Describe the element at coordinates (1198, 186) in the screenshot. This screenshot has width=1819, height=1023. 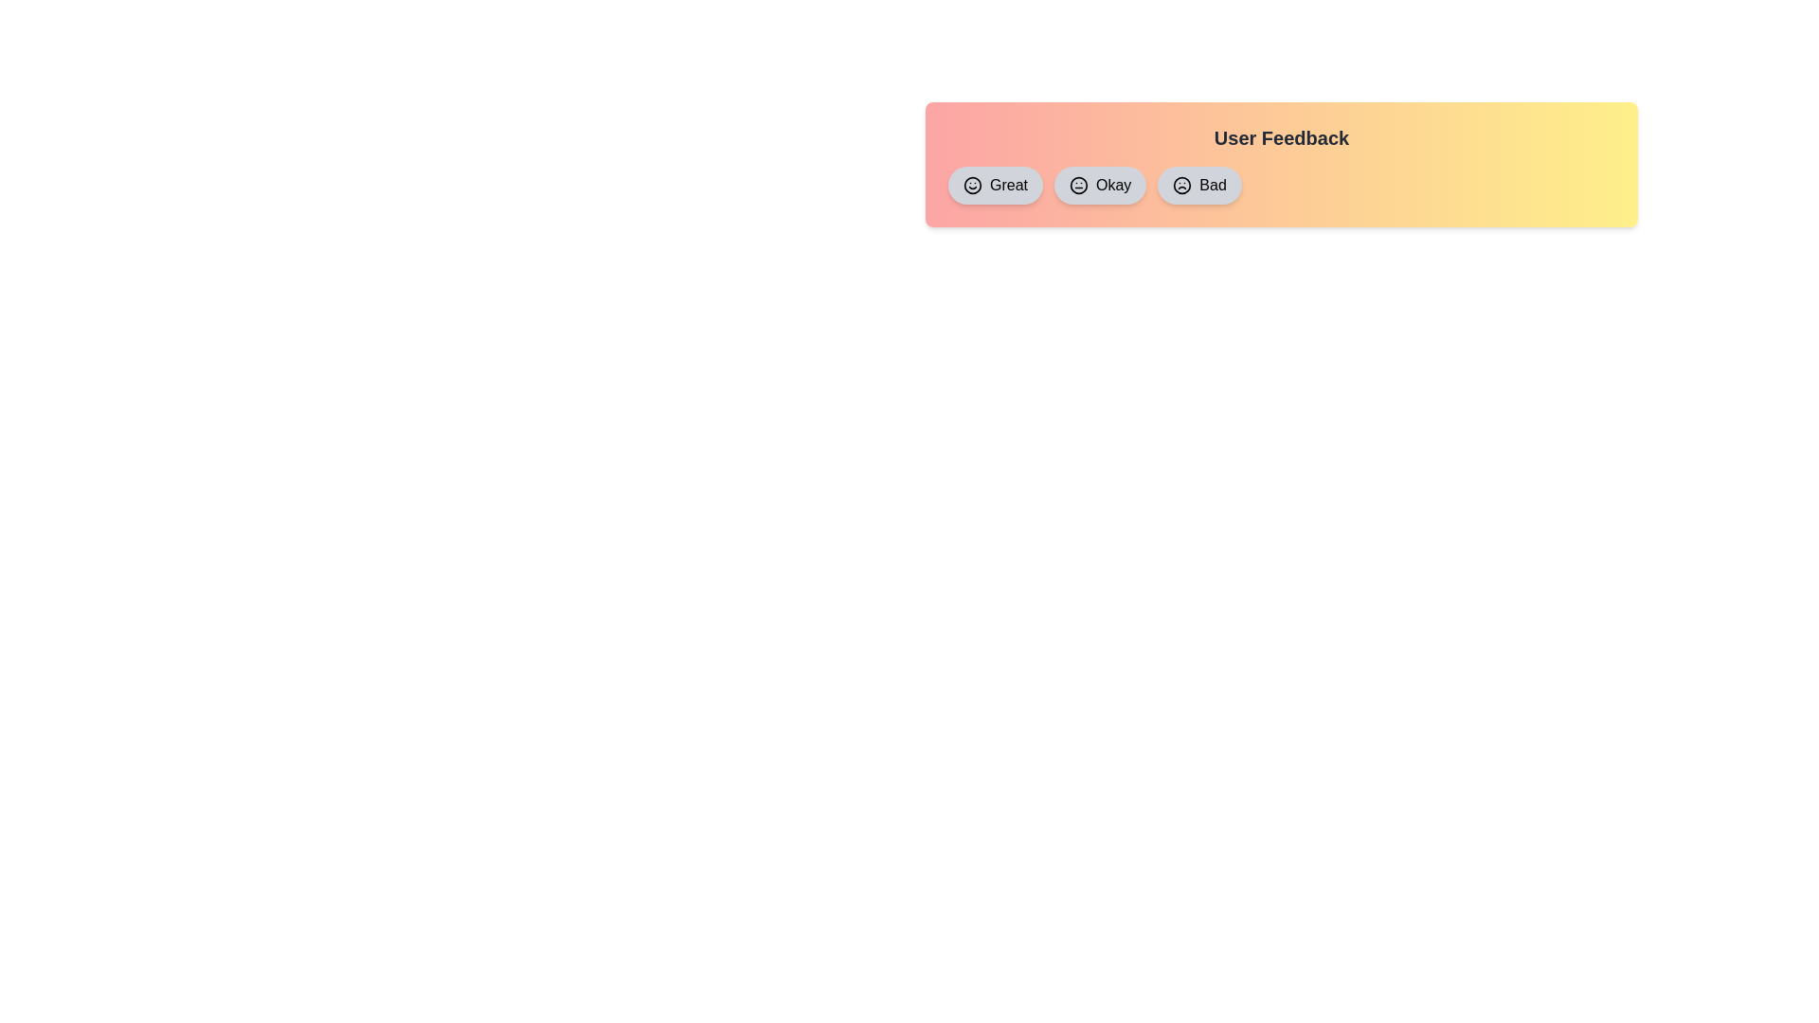
I see `the chip labeled Bad` at that location.